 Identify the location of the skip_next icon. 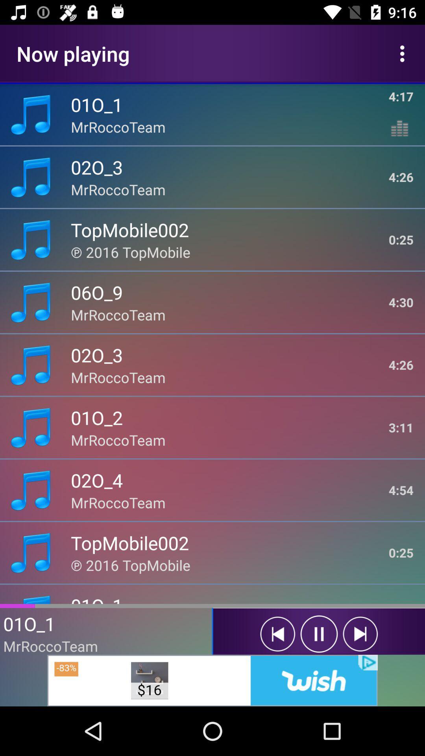
(360, 634).